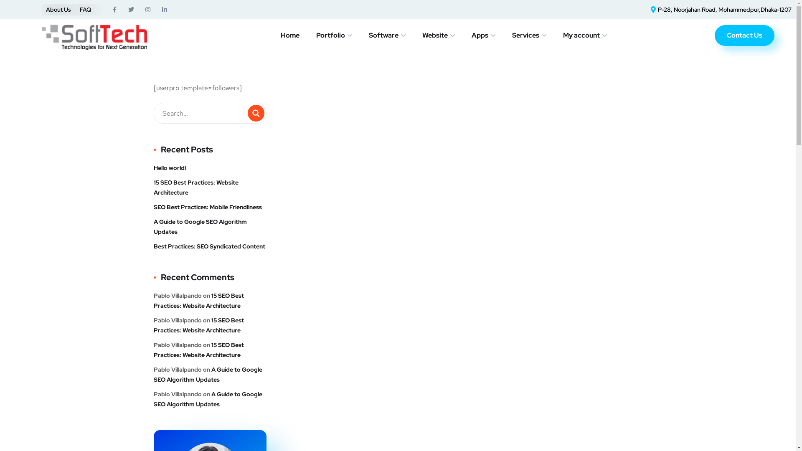 Image resolution: width=802 pixels, height=451 pixels. I want to click on 'Home', so click(281, 35).